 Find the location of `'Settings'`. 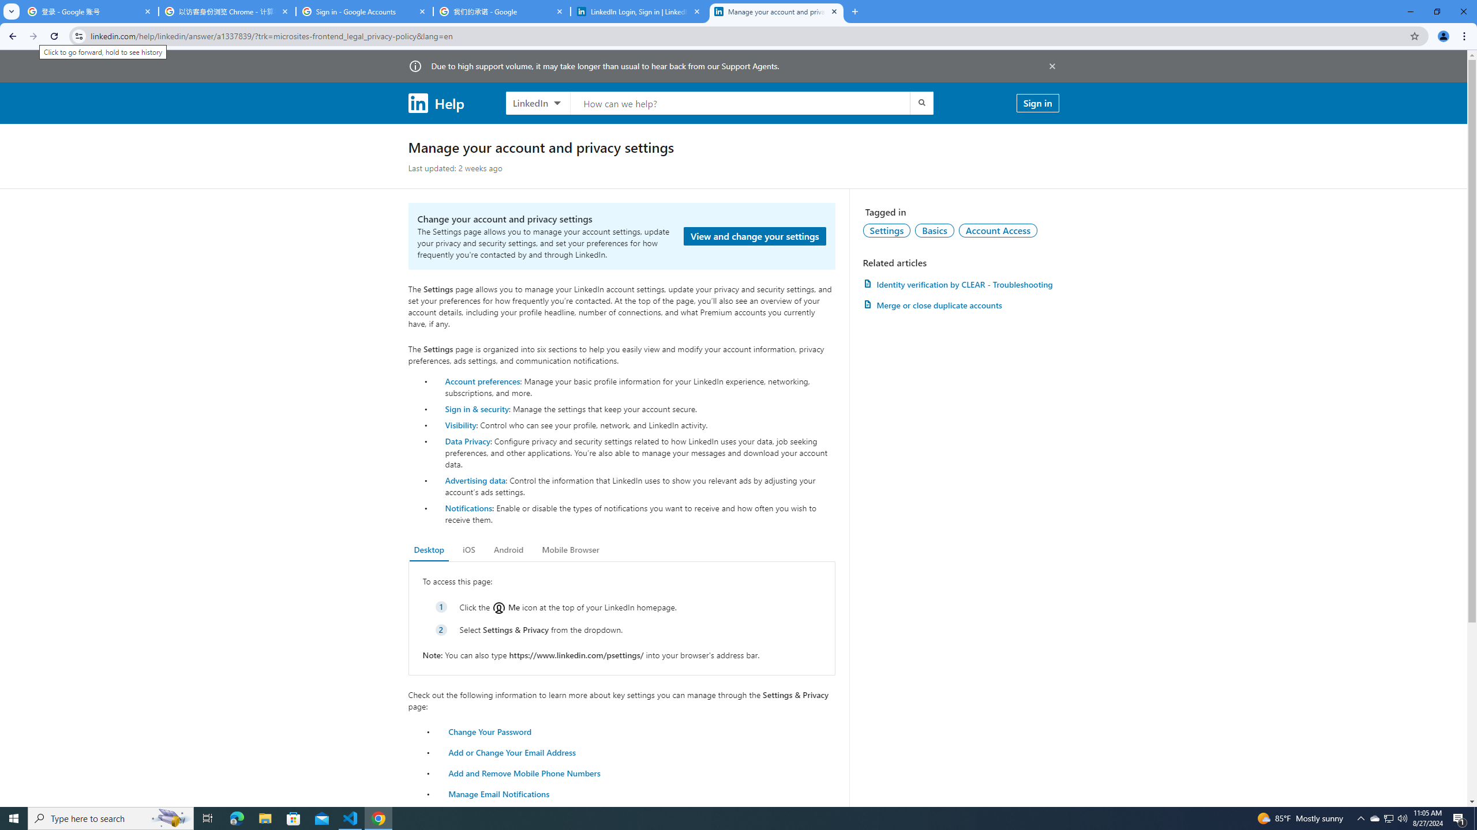

'Settings' is located at coordinates (886, 229).